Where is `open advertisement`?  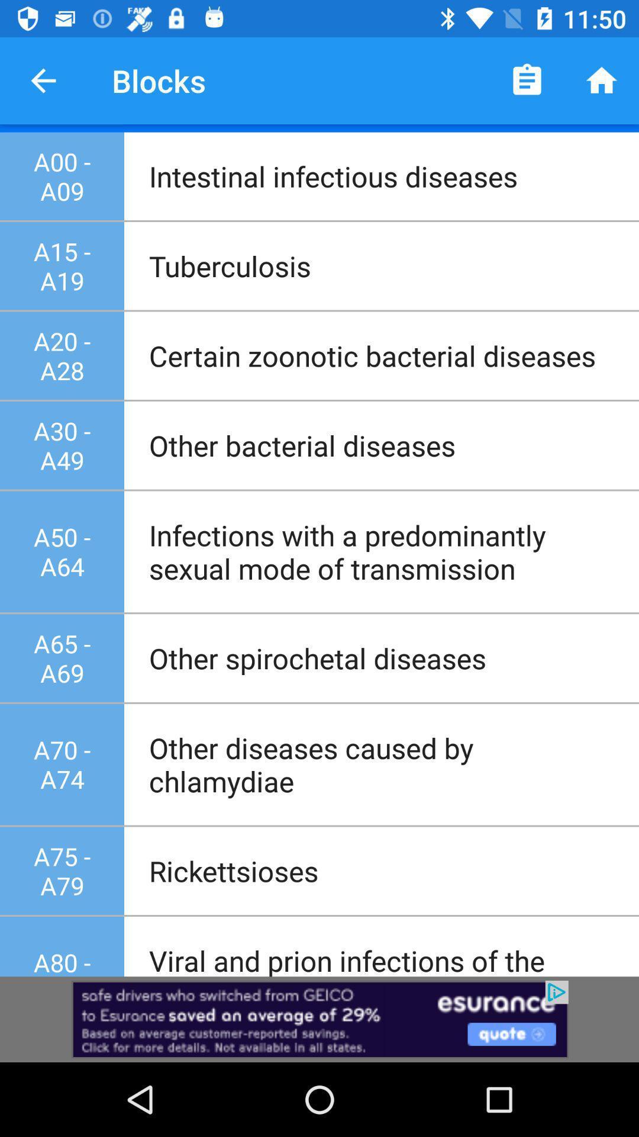 open advertisement is located at coordinates (319, 1019).